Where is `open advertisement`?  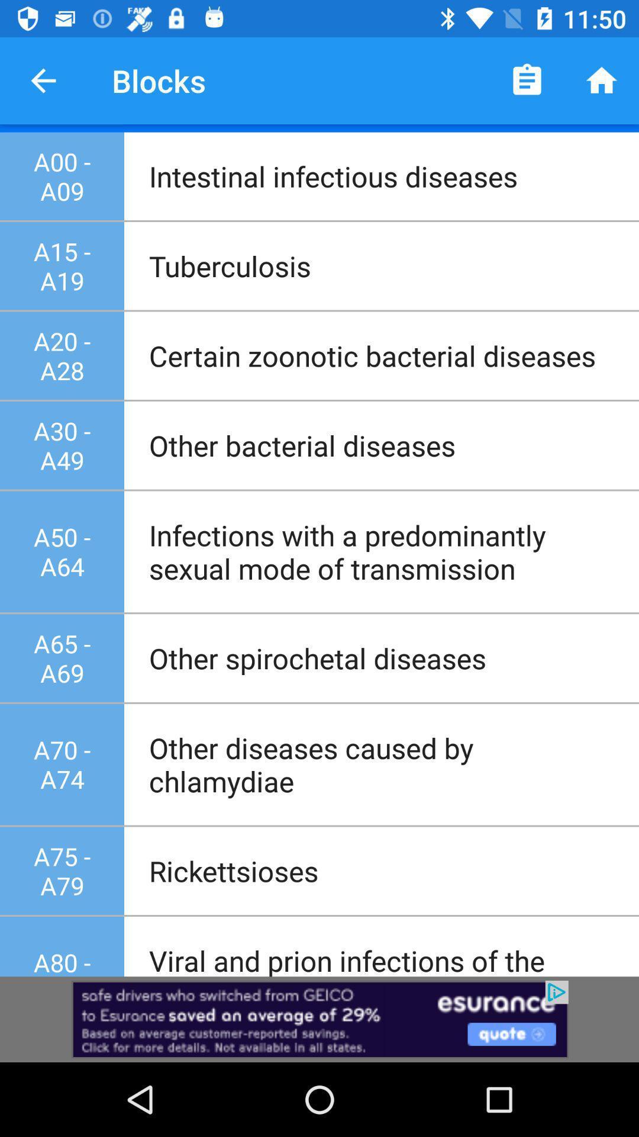 open advertisement is located at coordinates (319, 1019).